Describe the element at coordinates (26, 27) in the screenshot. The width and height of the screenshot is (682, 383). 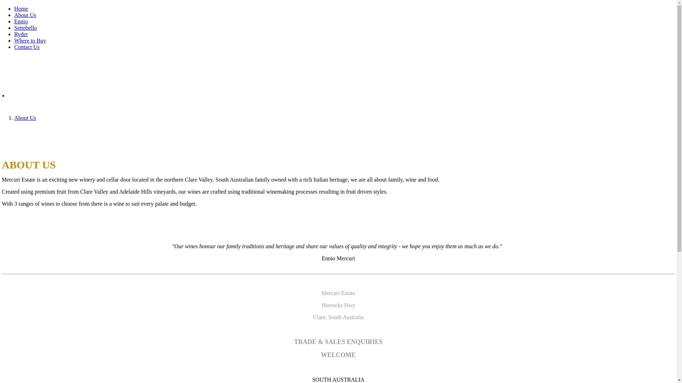
I see `'Settebello'` at that location.